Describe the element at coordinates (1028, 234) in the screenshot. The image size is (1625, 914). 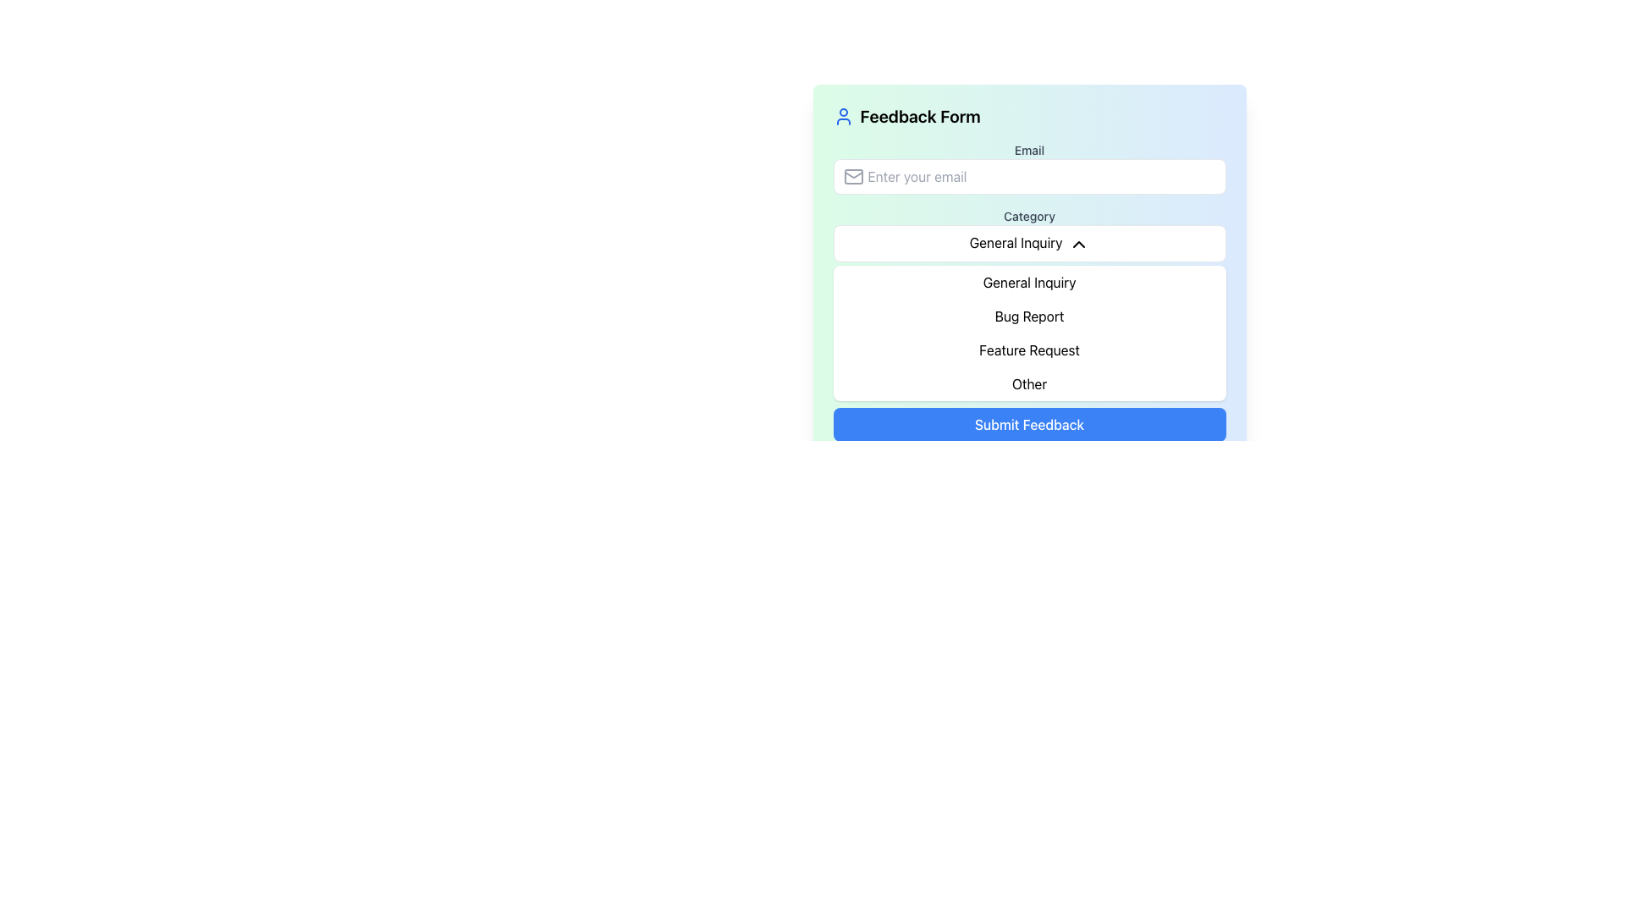
I see `the dropdown menu for selecting a category in the Feedback Form, located below the Email input field` at that location.